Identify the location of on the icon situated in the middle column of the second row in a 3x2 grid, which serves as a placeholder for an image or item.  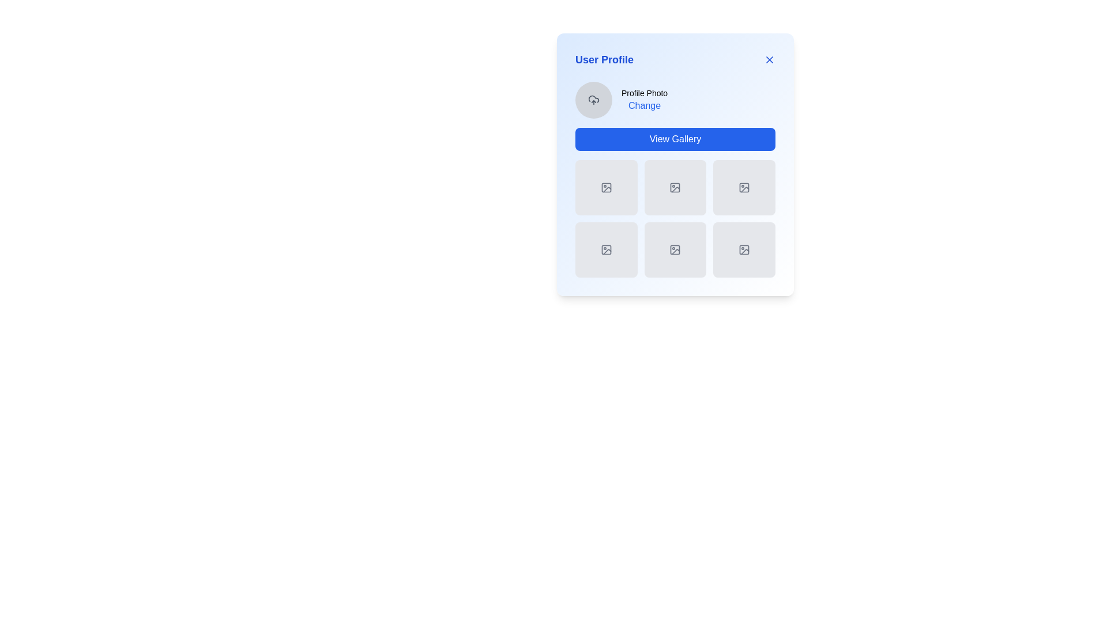
(744, 187).